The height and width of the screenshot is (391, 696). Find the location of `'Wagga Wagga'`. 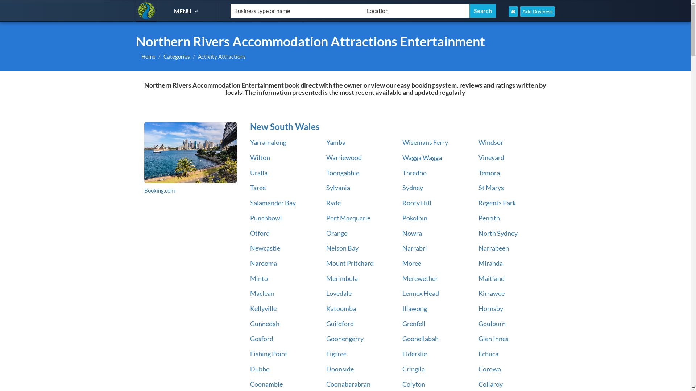

'Wagga Wagga' is located at coordinates (422, 157).